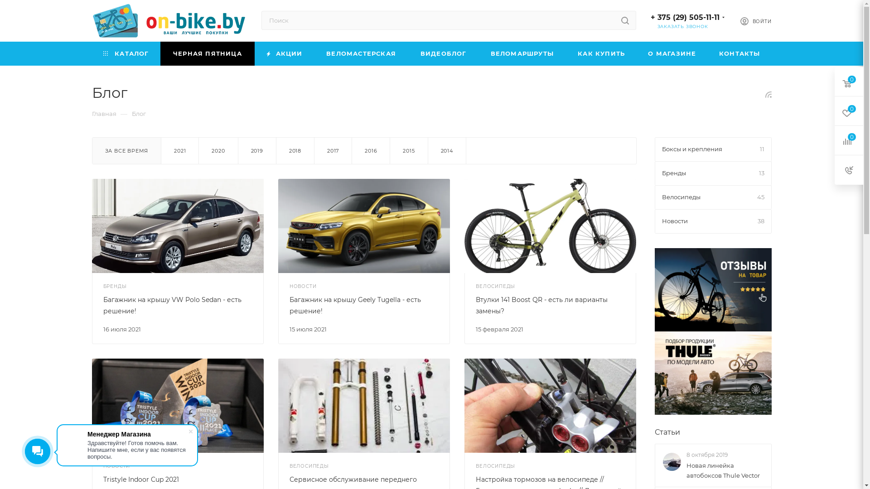  I want to click on '2014', so click(447, 150).